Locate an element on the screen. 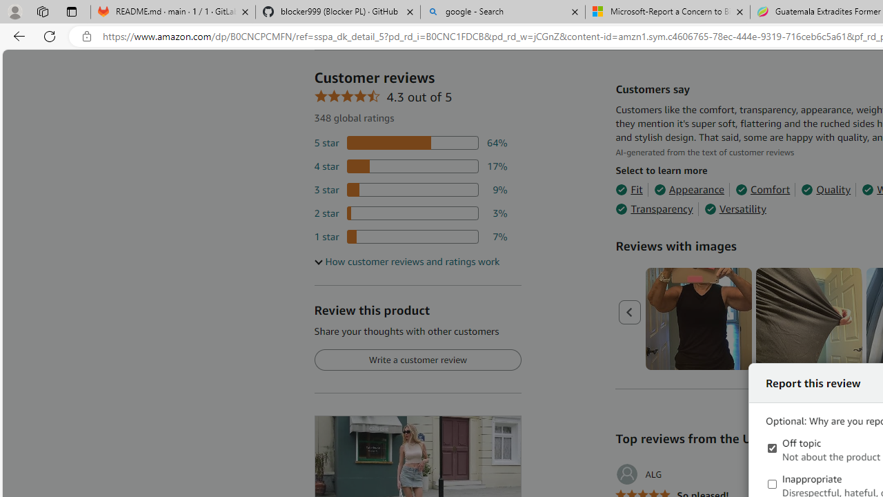 This screenshot has width=883, height=497. 'Versatility' is located at coordinates (734, 209).